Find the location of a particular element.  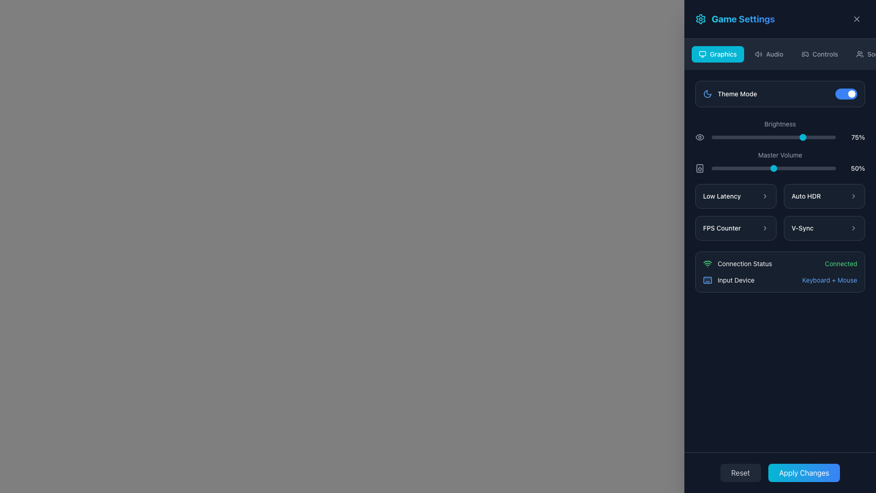

the 'Controls' icon located in the upper section of the menu panel, positioned left of the 'Controls' text label is located at coordinates (805, 54).